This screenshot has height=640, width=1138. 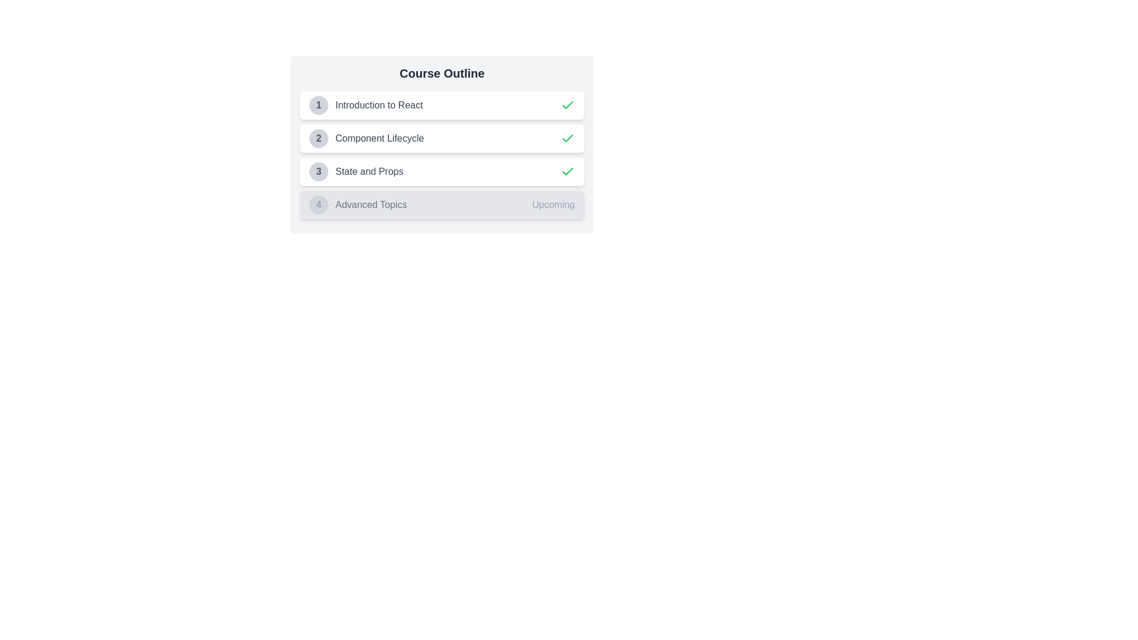 I want to click on title of the third topic in the course outline, which is represented by the text label located in the third row of the course items, so click(x=369, y=171).